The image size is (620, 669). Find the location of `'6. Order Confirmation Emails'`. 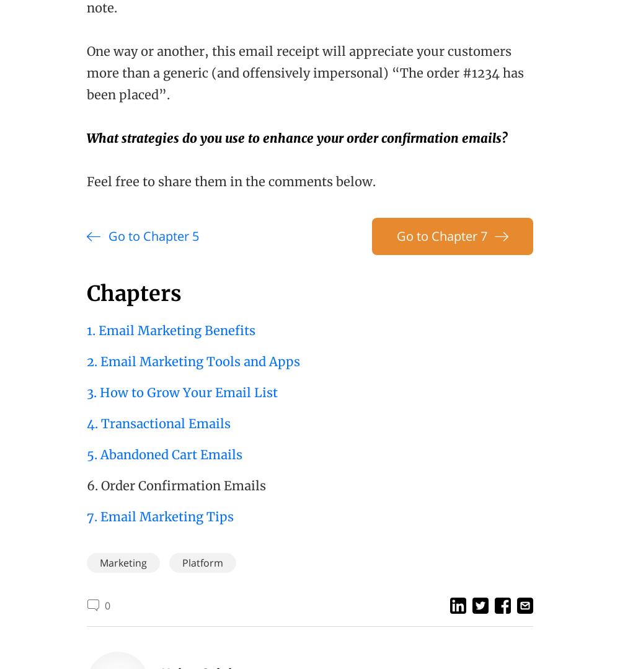

'6. Order Confirmation Emails' is located at coordinates (87, 485).